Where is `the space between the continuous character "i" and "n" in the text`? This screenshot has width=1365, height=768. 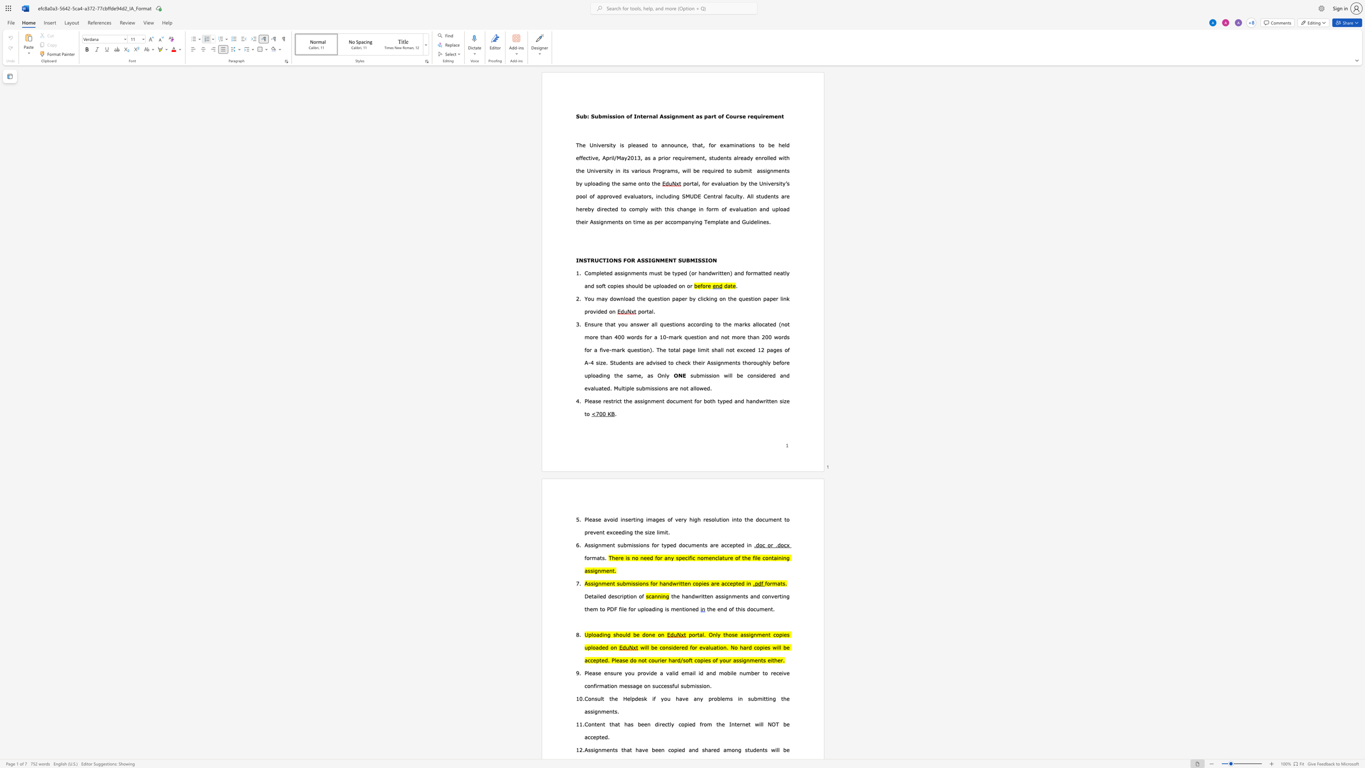
the space between the continuous character "i" and "n" in the text is located at coordinates (627, 532).